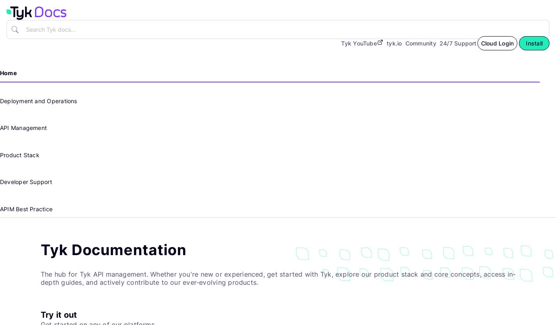 Image resolution: width=556 pixels, height=325 pixels. Describe the element at coordinates (40, 278) in the screenshot. I see `'The hub for Tyk API management. Whether you're new or experienced, get started with Tyk, explore
                        our product stack and core concepts, access in-depth guides, and actively contribute to our
                        ever-evolving products.'` at that location.